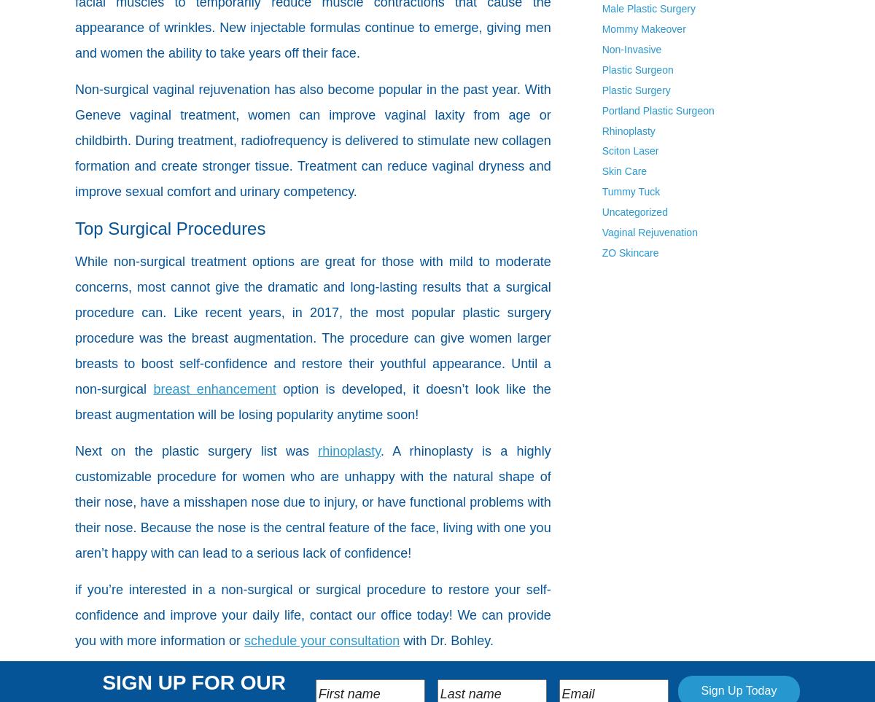 The height and width of the screenshot is (702, 875). Describe the element at coordinates (244, 640) in the screenshot. I see `'schedule your consultation'` at that location.